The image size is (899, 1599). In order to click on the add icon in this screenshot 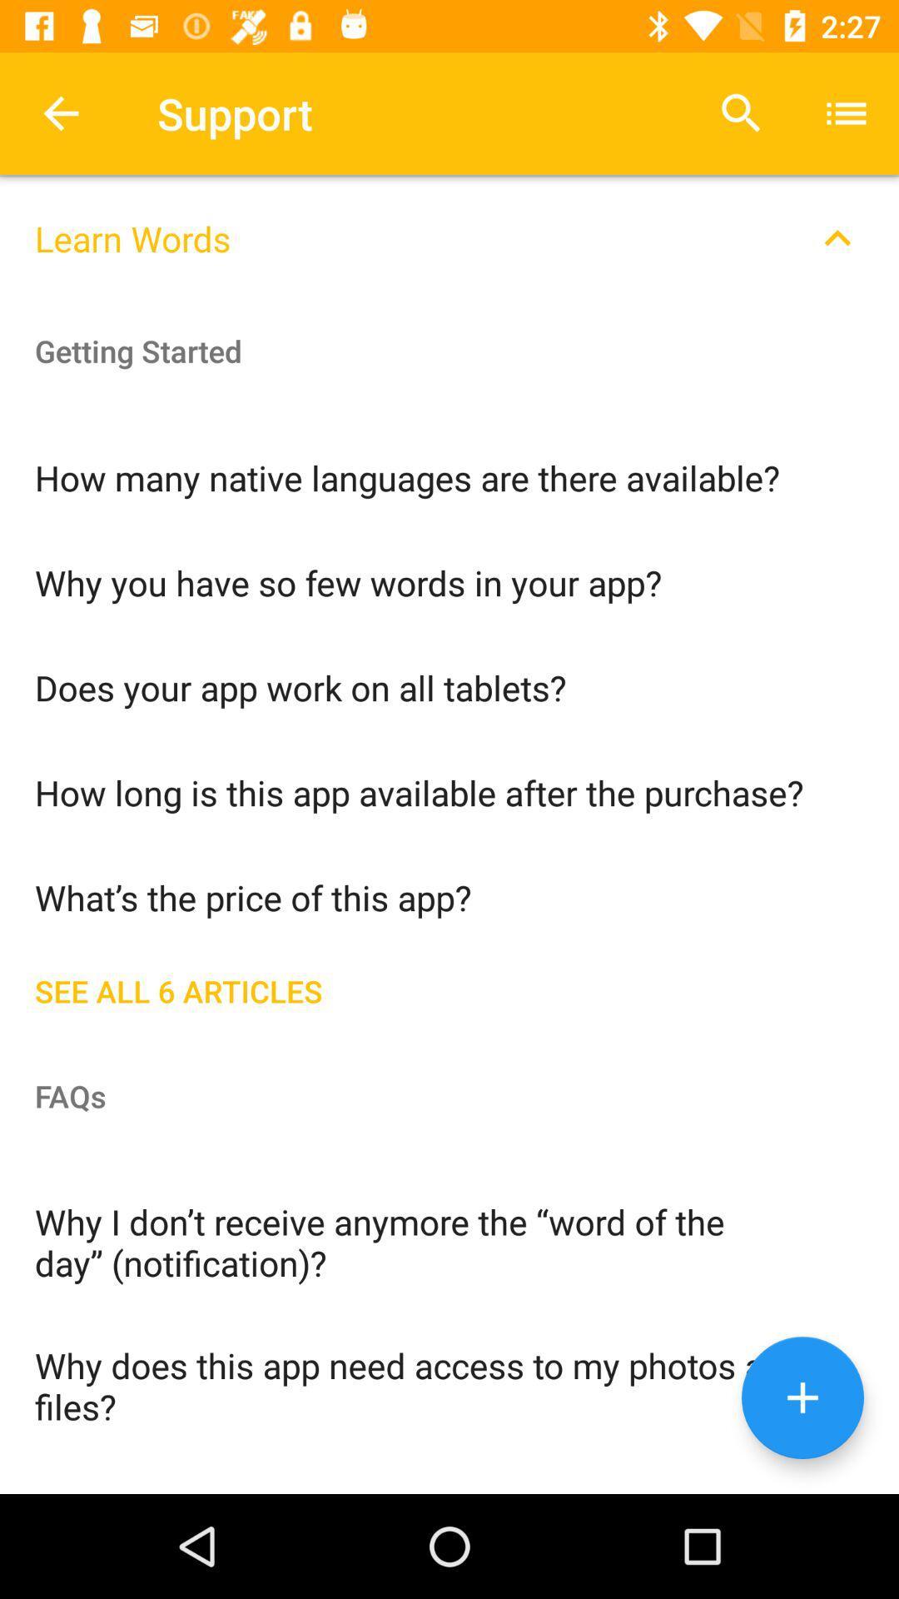, I will do `click(802, 1397)`.